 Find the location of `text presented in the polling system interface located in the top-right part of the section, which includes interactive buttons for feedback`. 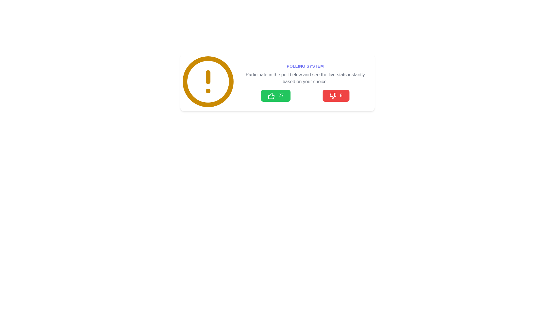

text presented in the polling system interface located in the top-right part of the section, which includes interactive buttons for feedback is located at coordinates (305, 82).